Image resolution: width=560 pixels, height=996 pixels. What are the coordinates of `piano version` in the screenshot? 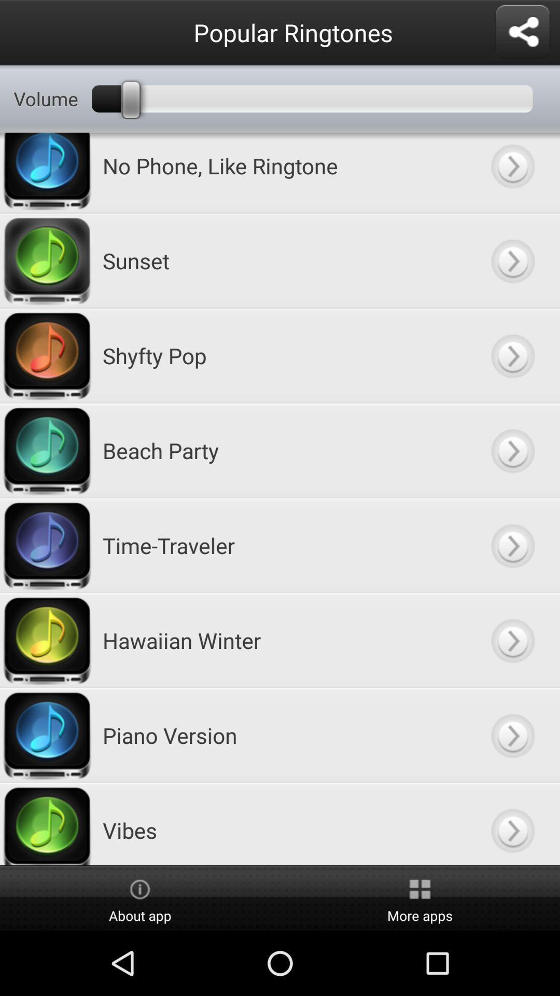 It's located at (512, 735).